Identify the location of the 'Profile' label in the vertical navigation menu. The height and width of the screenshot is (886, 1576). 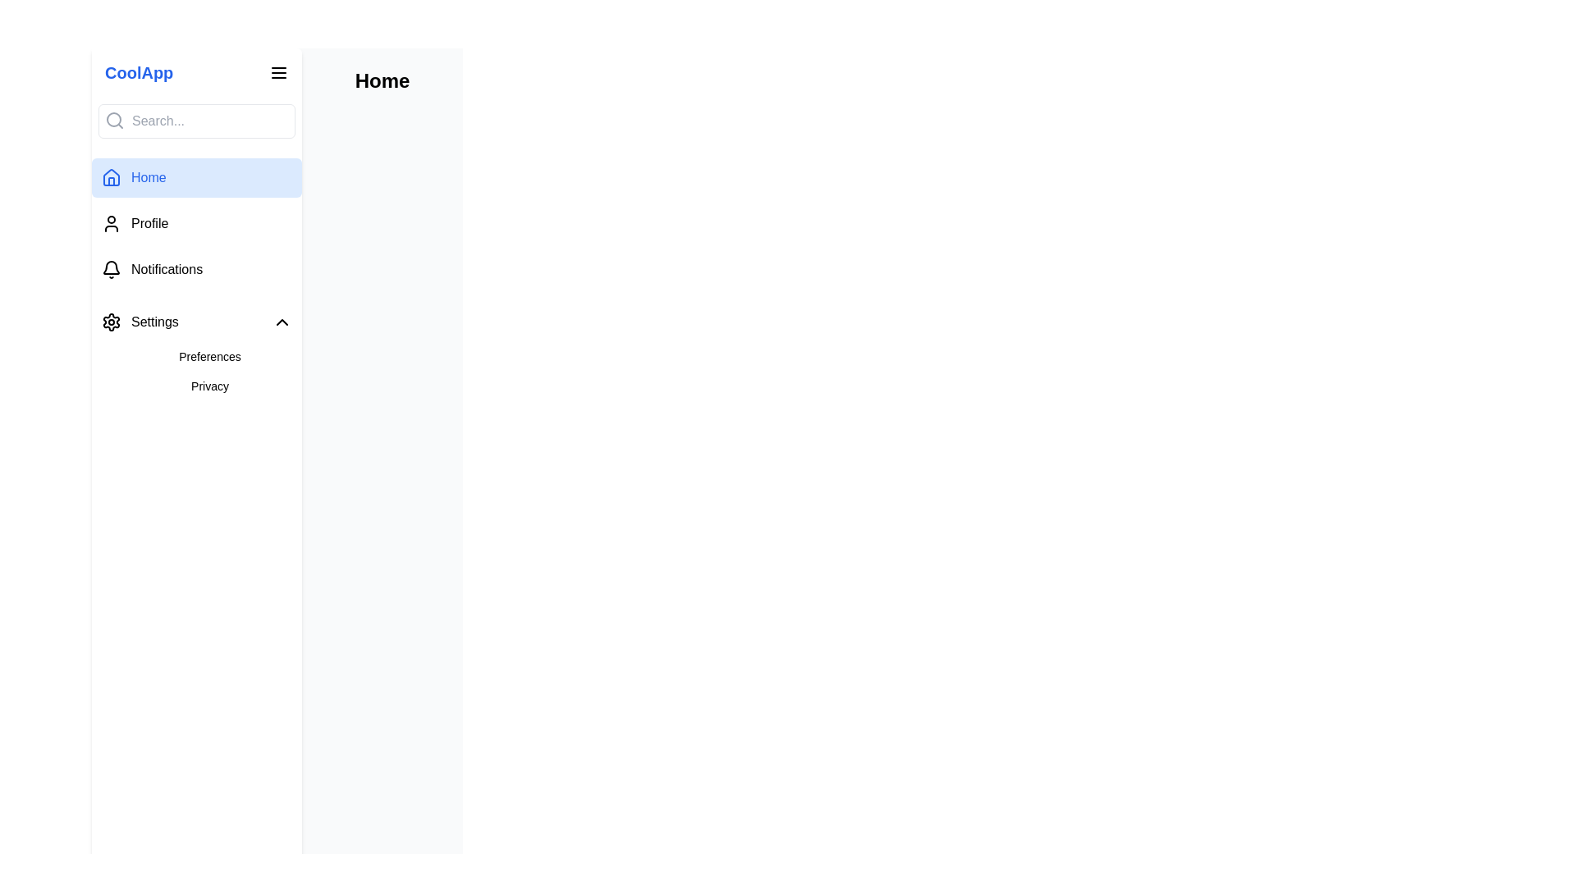
(149, 224).